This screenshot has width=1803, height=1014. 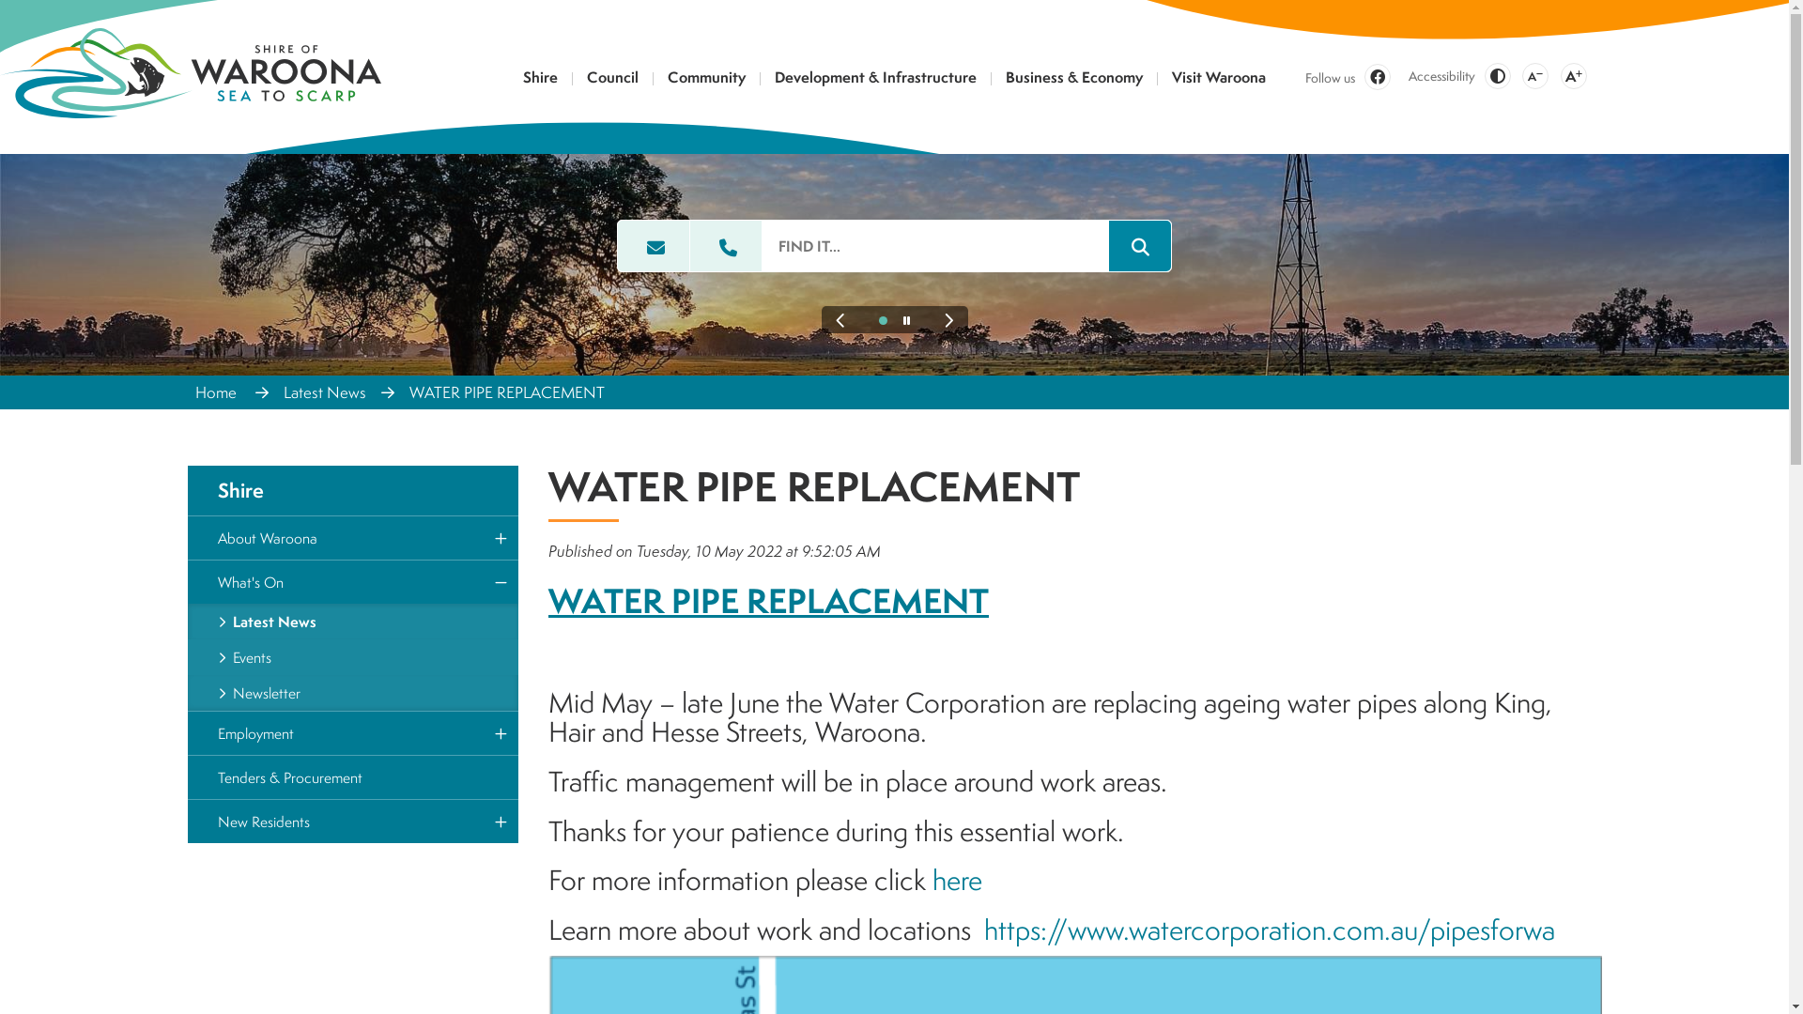 I want to click on 'here', so click(x=932, y=880).